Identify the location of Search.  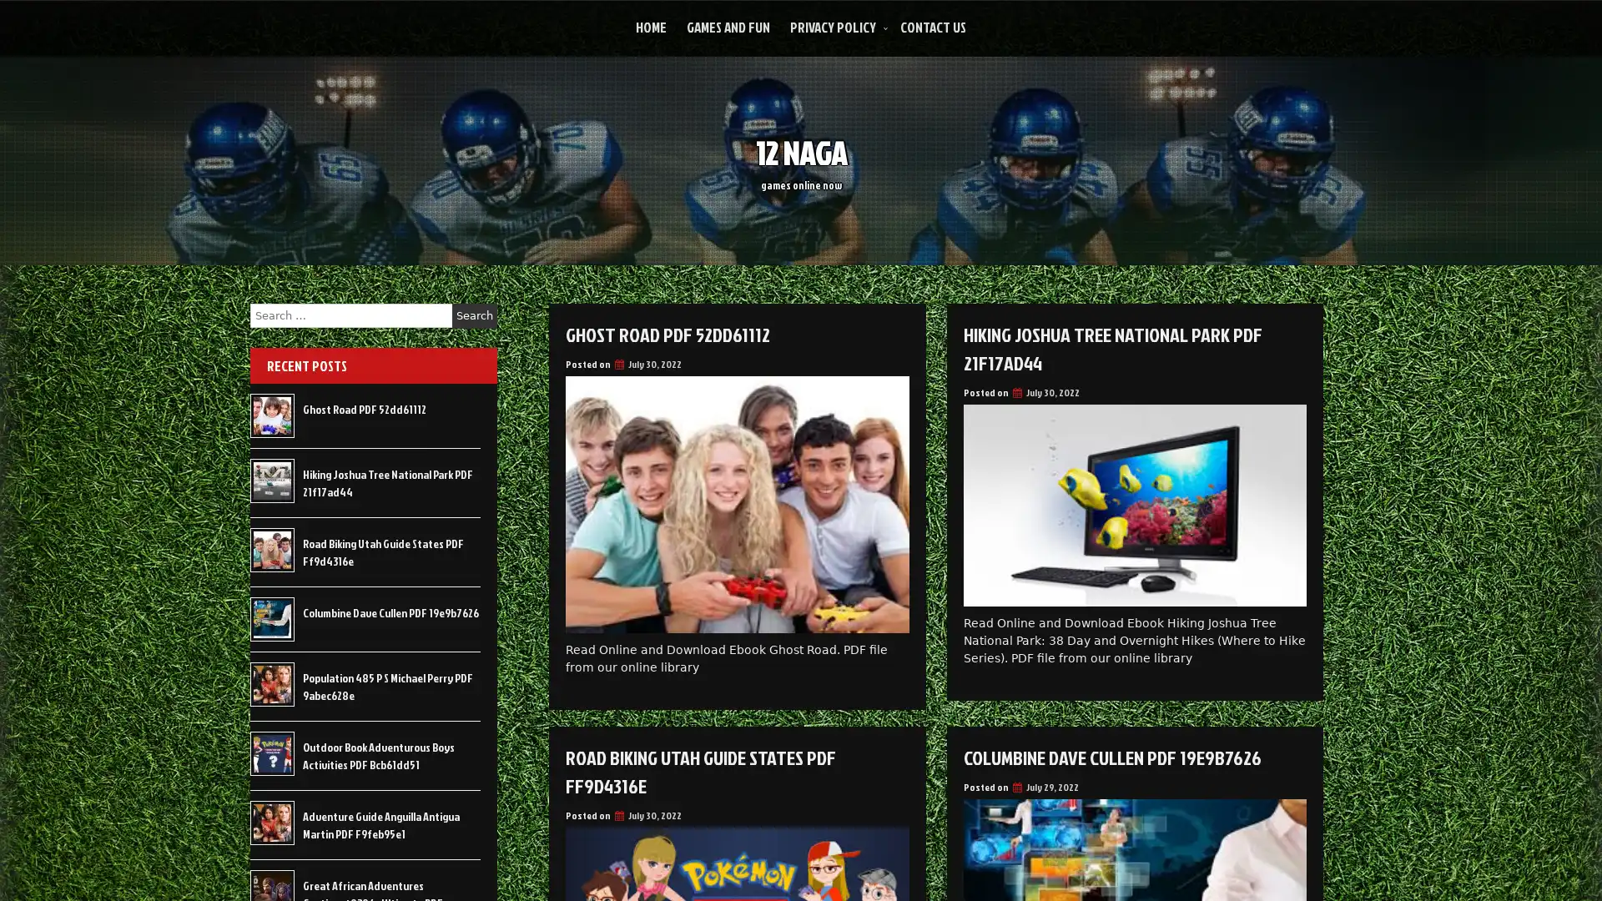
(474, 315).